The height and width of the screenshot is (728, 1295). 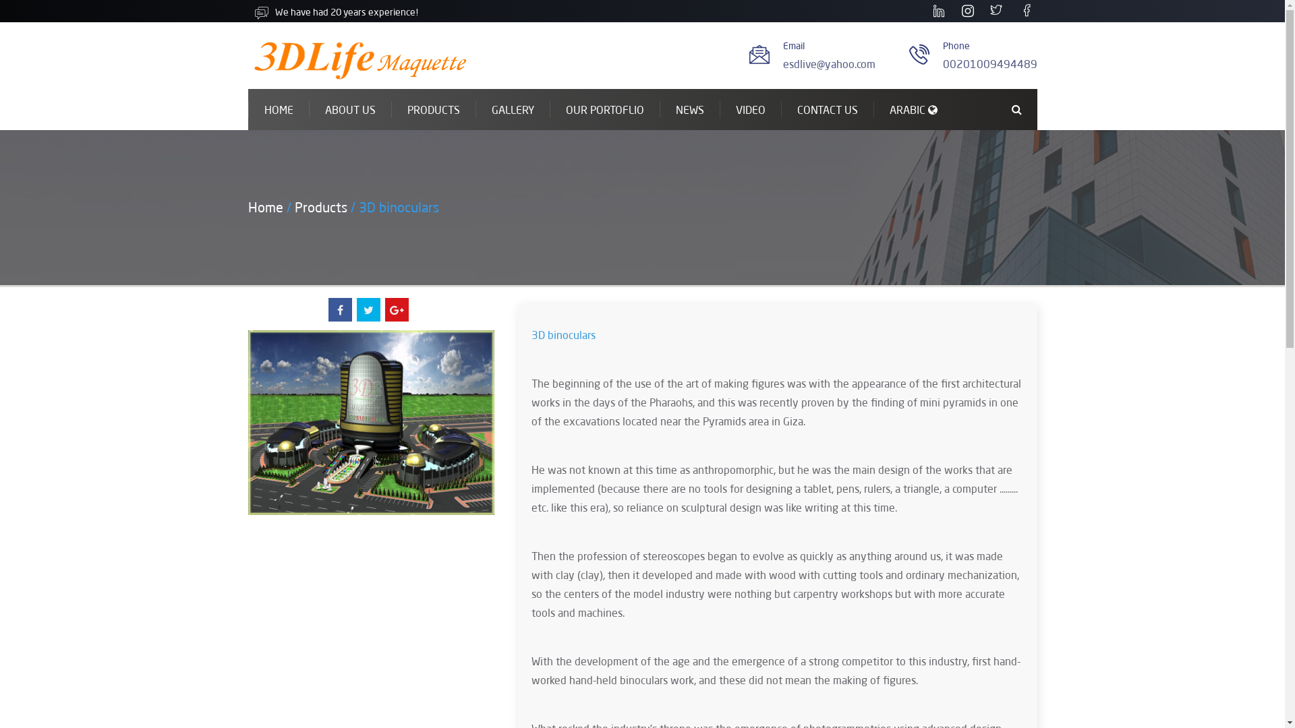 I want to click on 'Products', so click(x=320, y=207).